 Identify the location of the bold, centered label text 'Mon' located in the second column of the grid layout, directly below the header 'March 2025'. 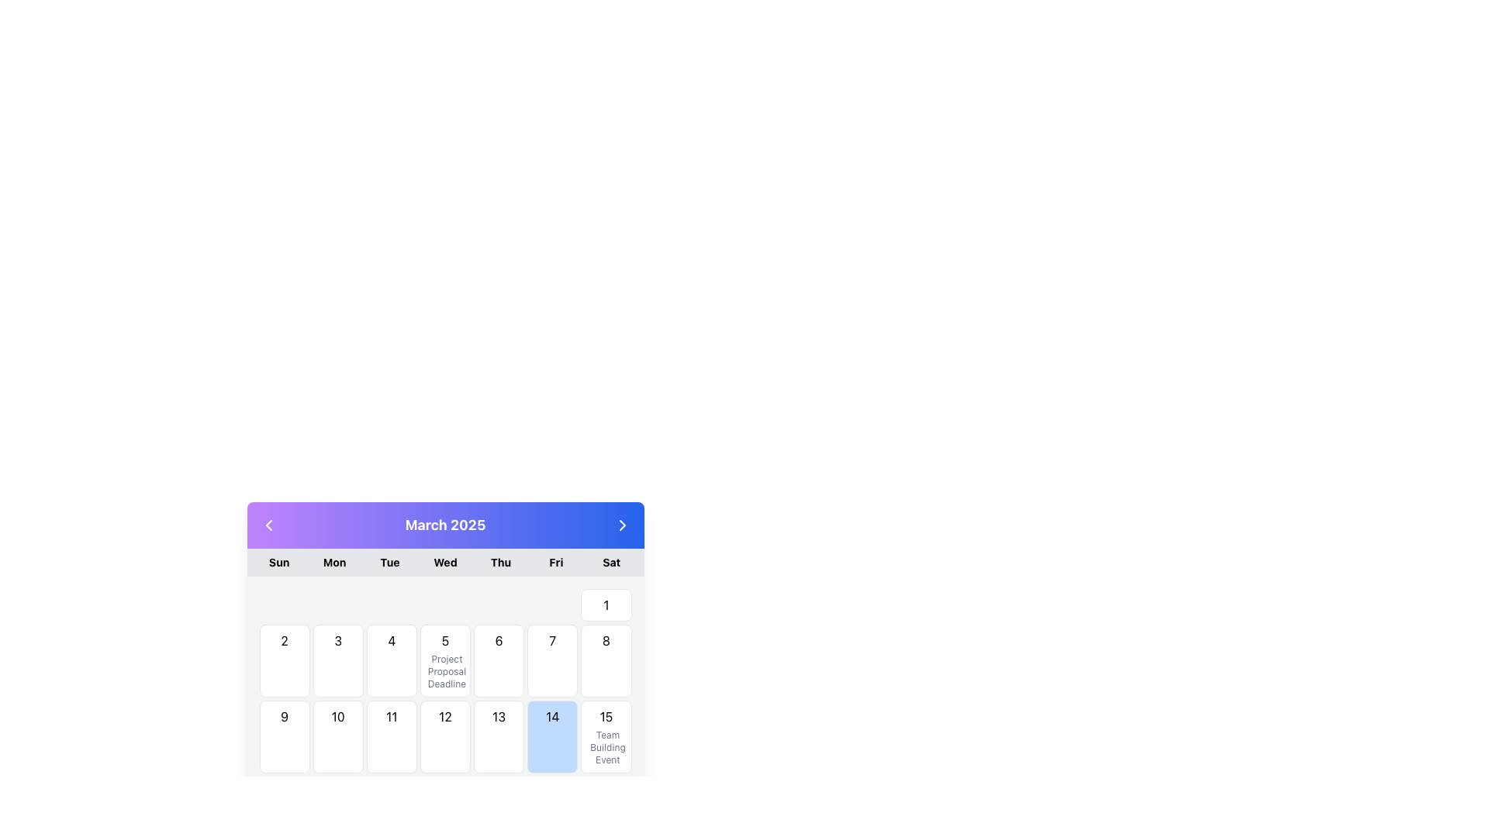
(333, 562).